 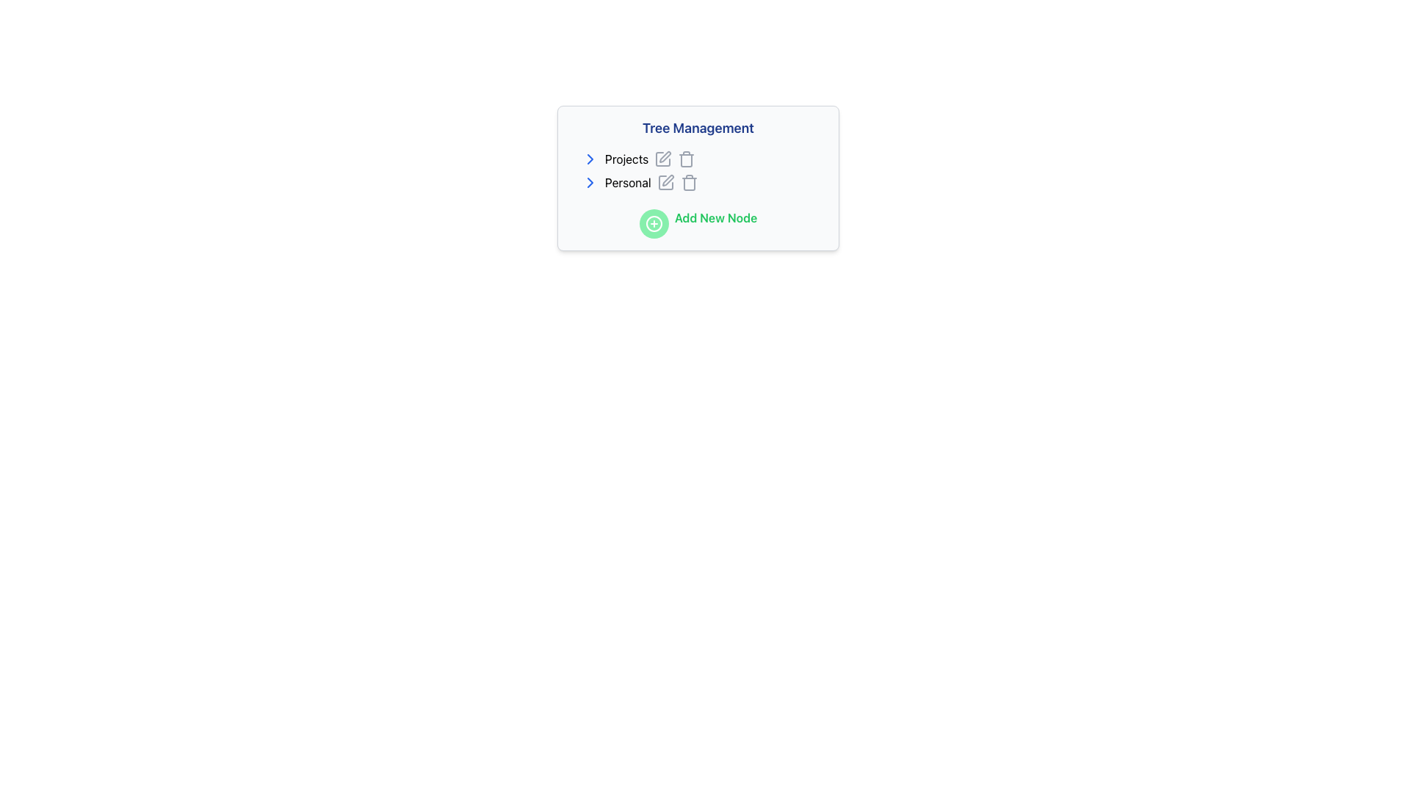 I want to click on the trash bin icon element that represents the delete action in the interface, located next to the 'Projects' text, so click(x=686, y=161).